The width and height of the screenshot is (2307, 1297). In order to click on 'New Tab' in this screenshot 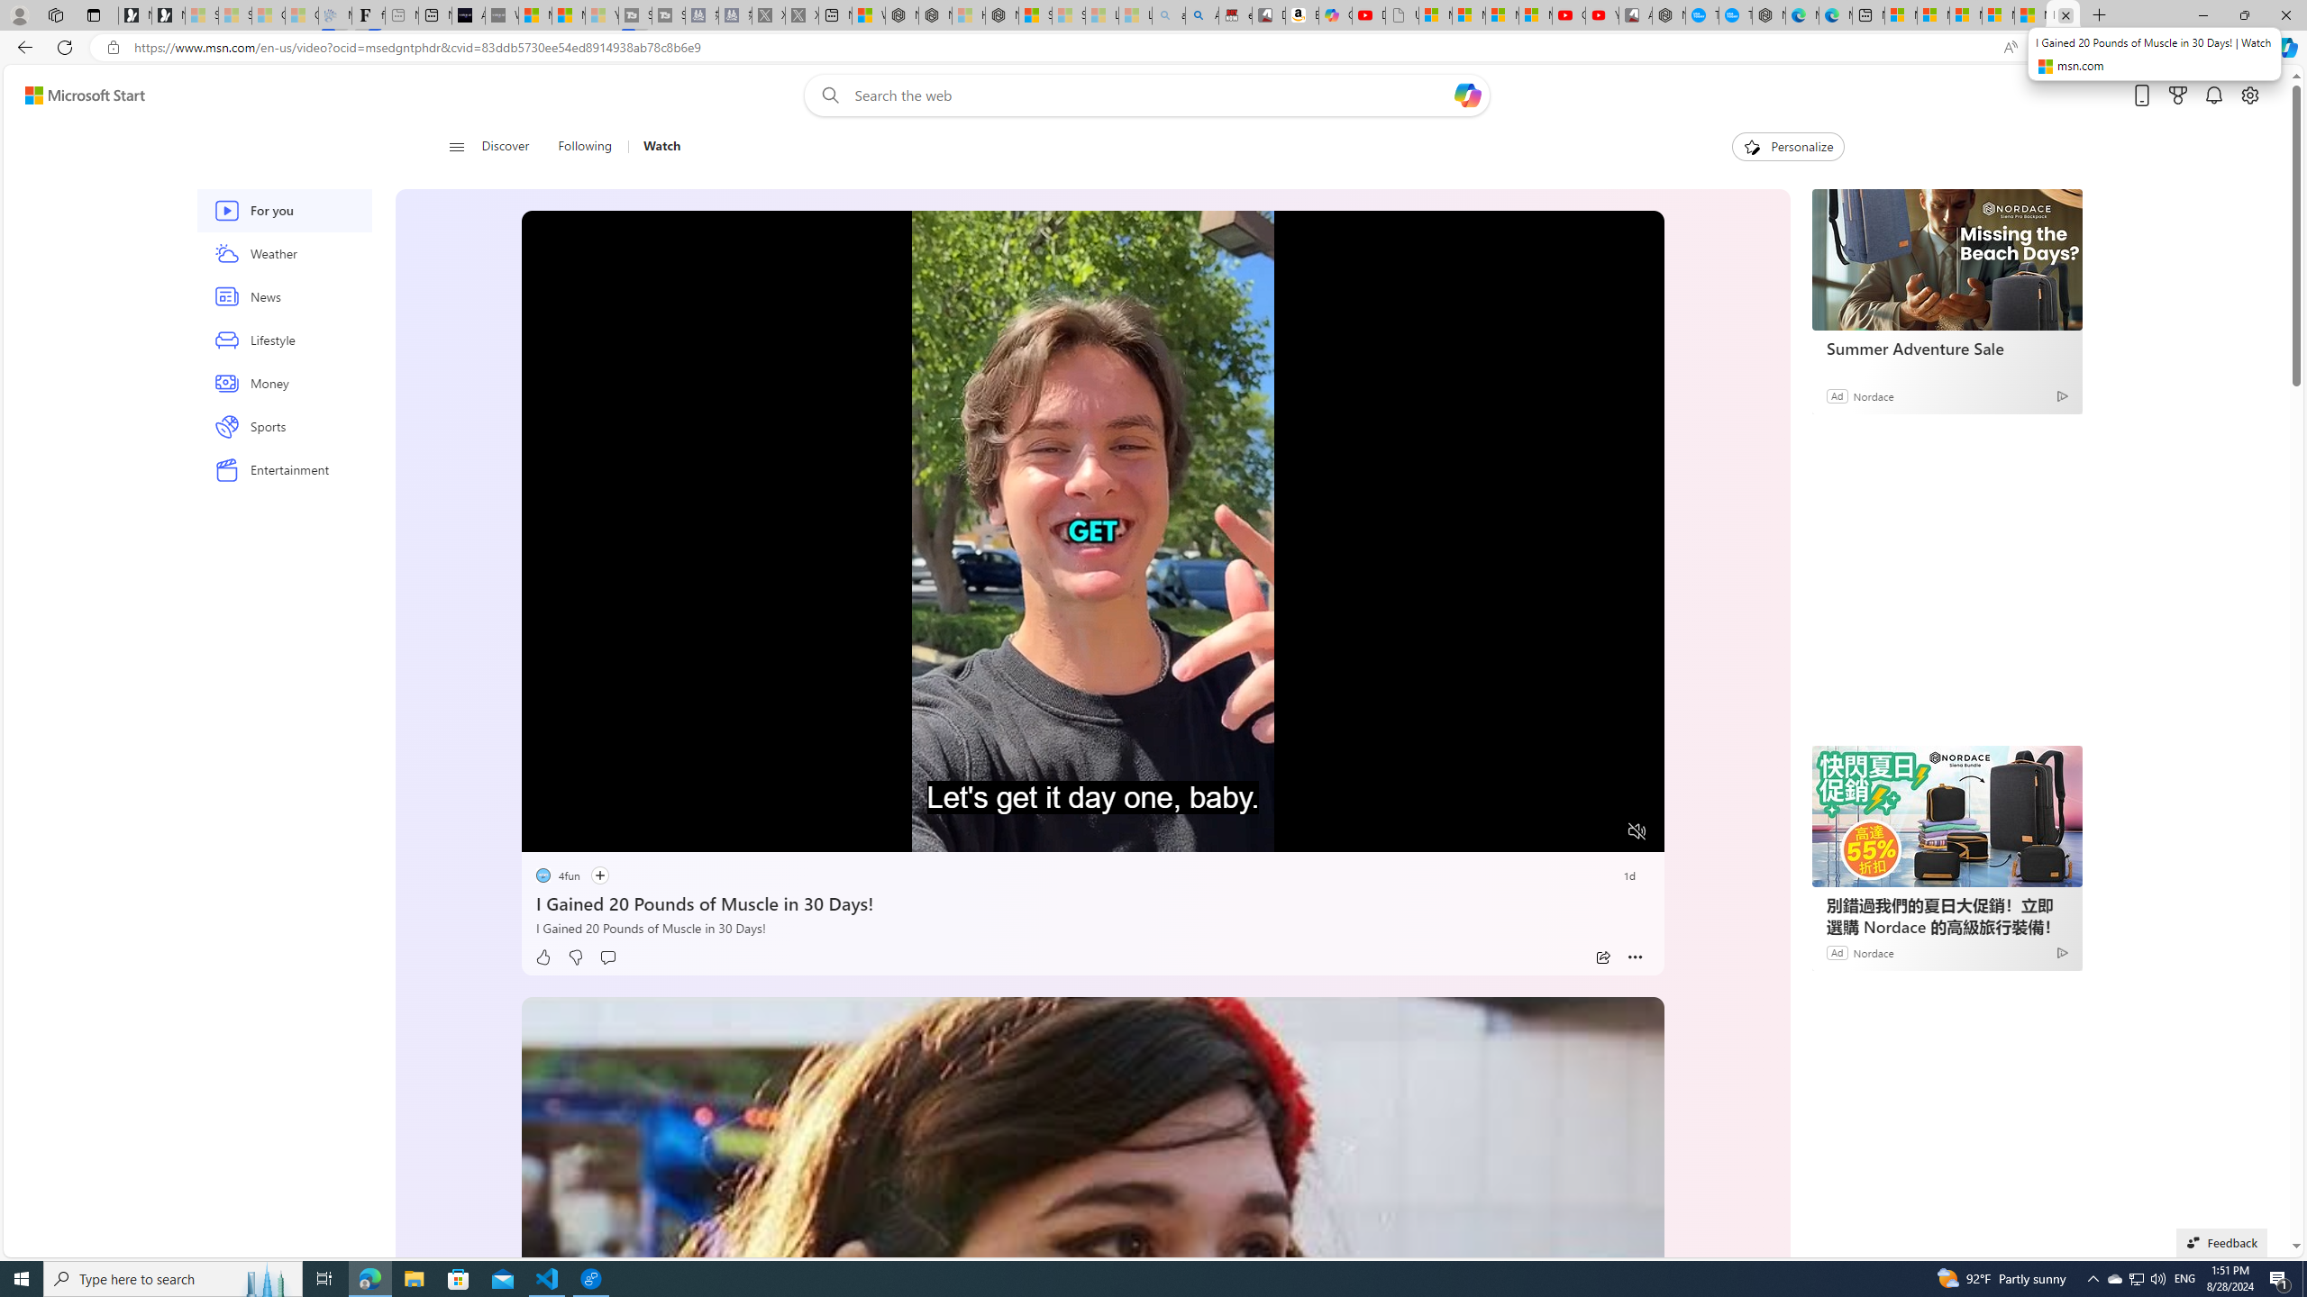, I will do `click(2099, 14)`.